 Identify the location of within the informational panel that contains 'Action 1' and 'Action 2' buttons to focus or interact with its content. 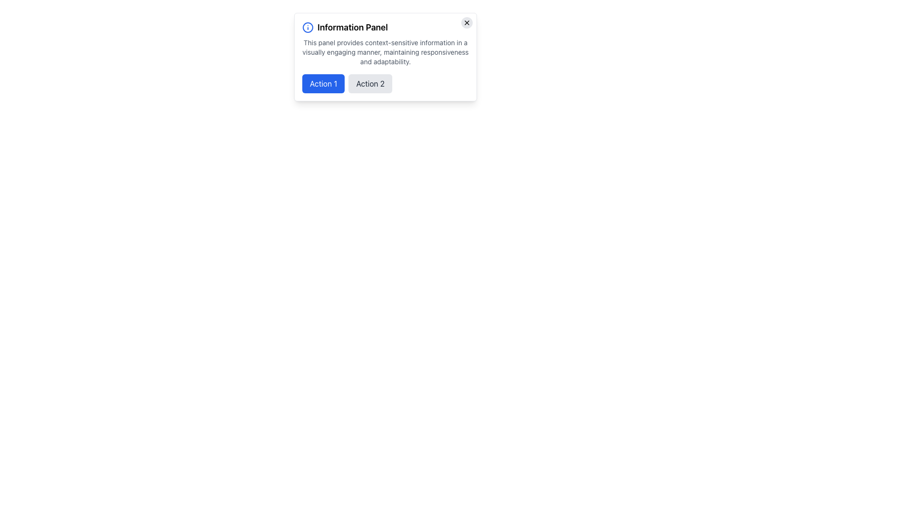
(386, 57).